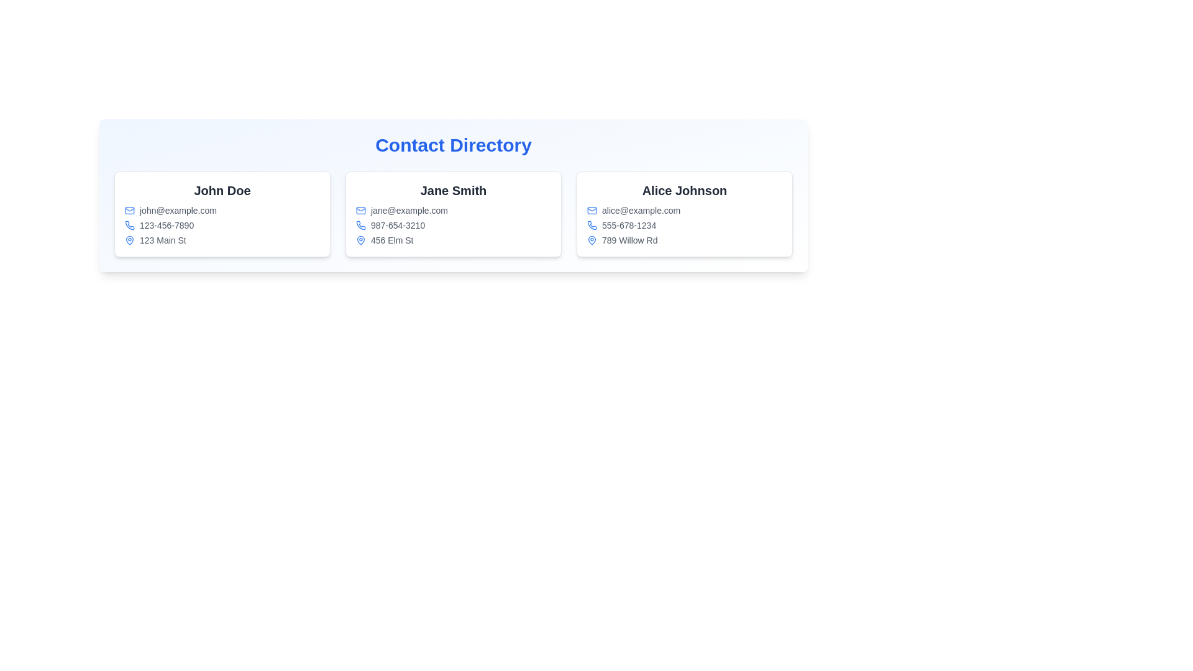 The width and height of the screenshot is (1193, 671). I want to click on the blue phone icon located to the left of the phone number '555-678-1234' under the contact information card for 'Alice Johnson' in the third column of the contact directory, so click(592, 225).